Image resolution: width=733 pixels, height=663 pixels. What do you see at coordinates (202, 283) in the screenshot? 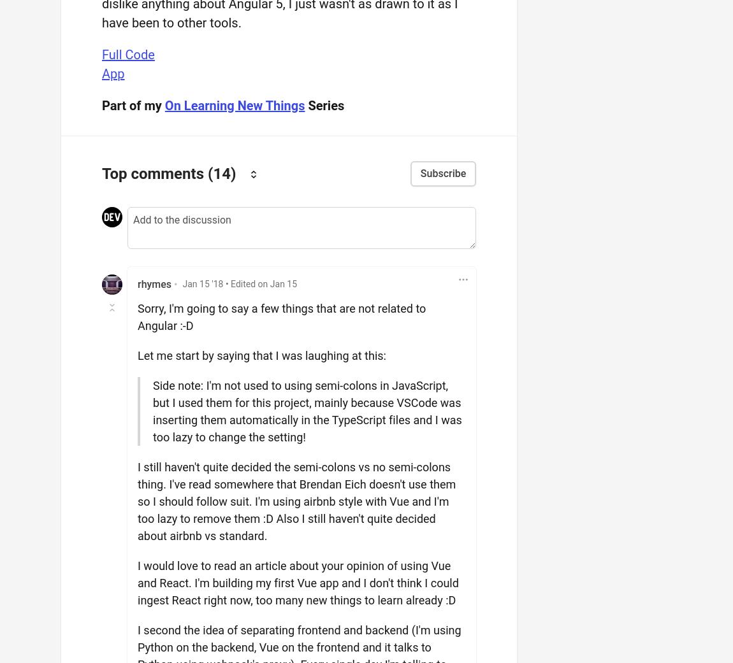
I see `'Jan 15 '18'` at bounding box center [202, 283].